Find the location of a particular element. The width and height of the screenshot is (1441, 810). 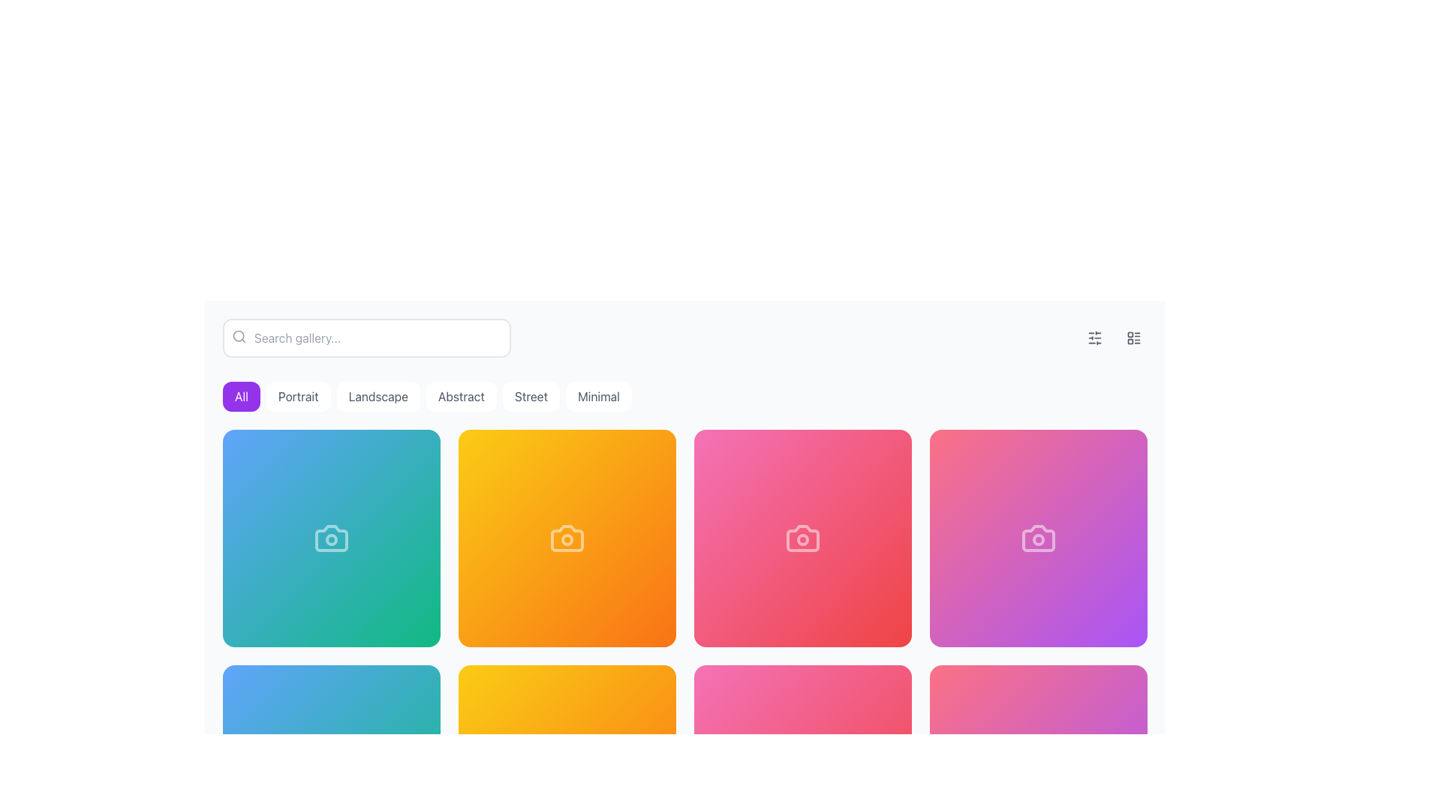

the second button in a horizontal group of six buttons, which serves as a filter option for 'Portrait' items in the gallery is located at coordinates (298, 395).